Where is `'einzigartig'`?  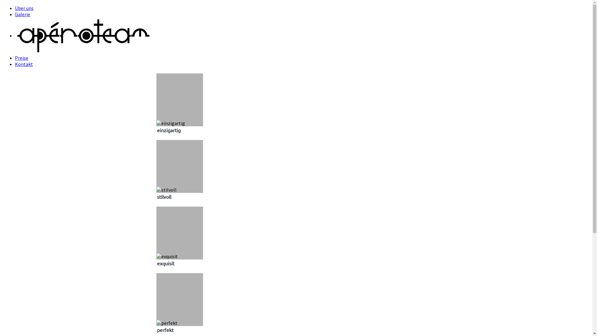
'einzigartig' is located at coordinates (170, 123).